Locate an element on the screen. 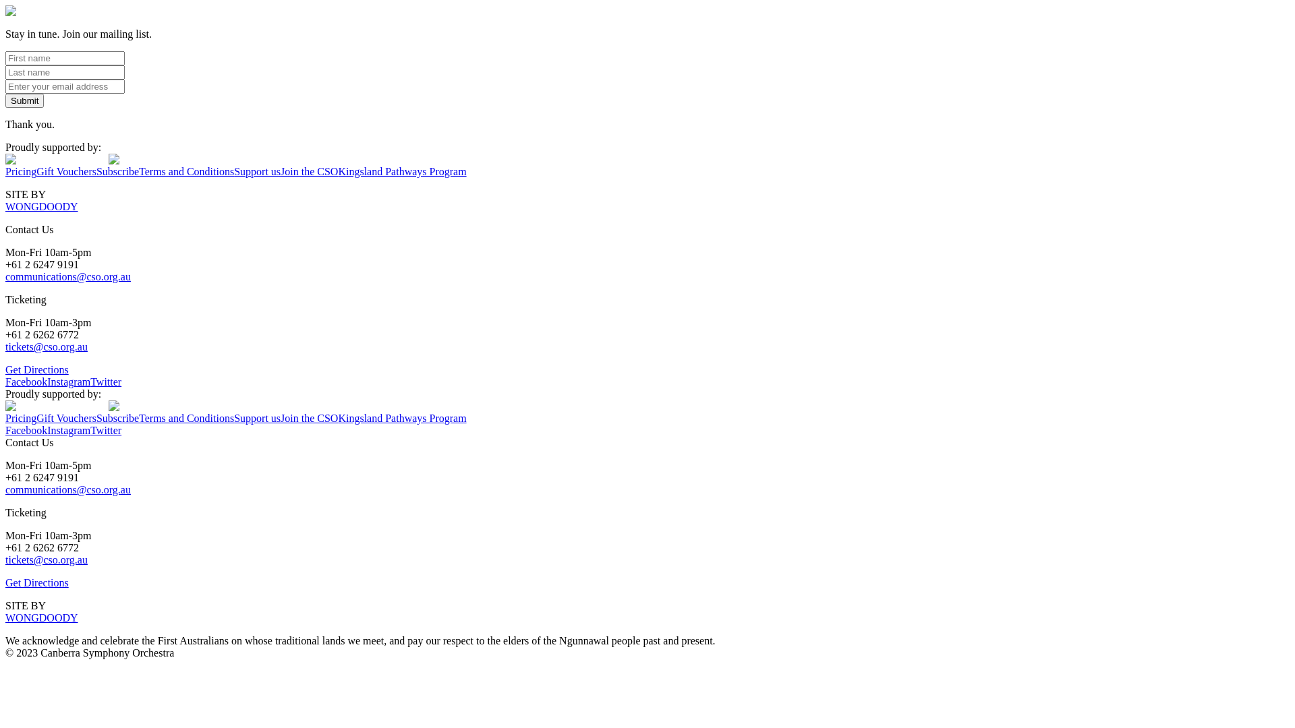 This screenshot has width=1295, height=728. 'Support us' is located at coordinates (233, 171).